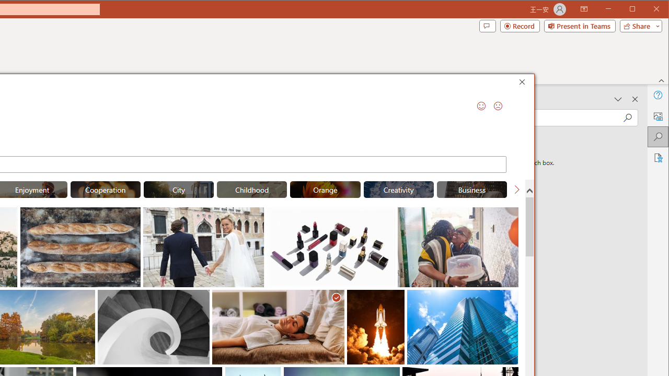  I want to click on 'Send a Smile', so click(480, 106).